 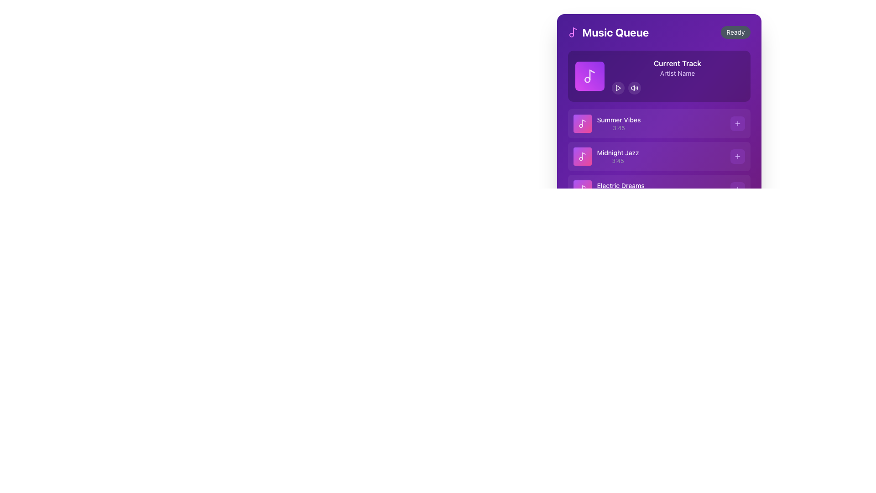 What do you see at coordinates (634, 88) in the screenshot?
I see `the 'Volume' or 'Audio Control' button located in the 'Music Queue' panel, which is the second button to the right of the play button` at bounding box center [634, 88].